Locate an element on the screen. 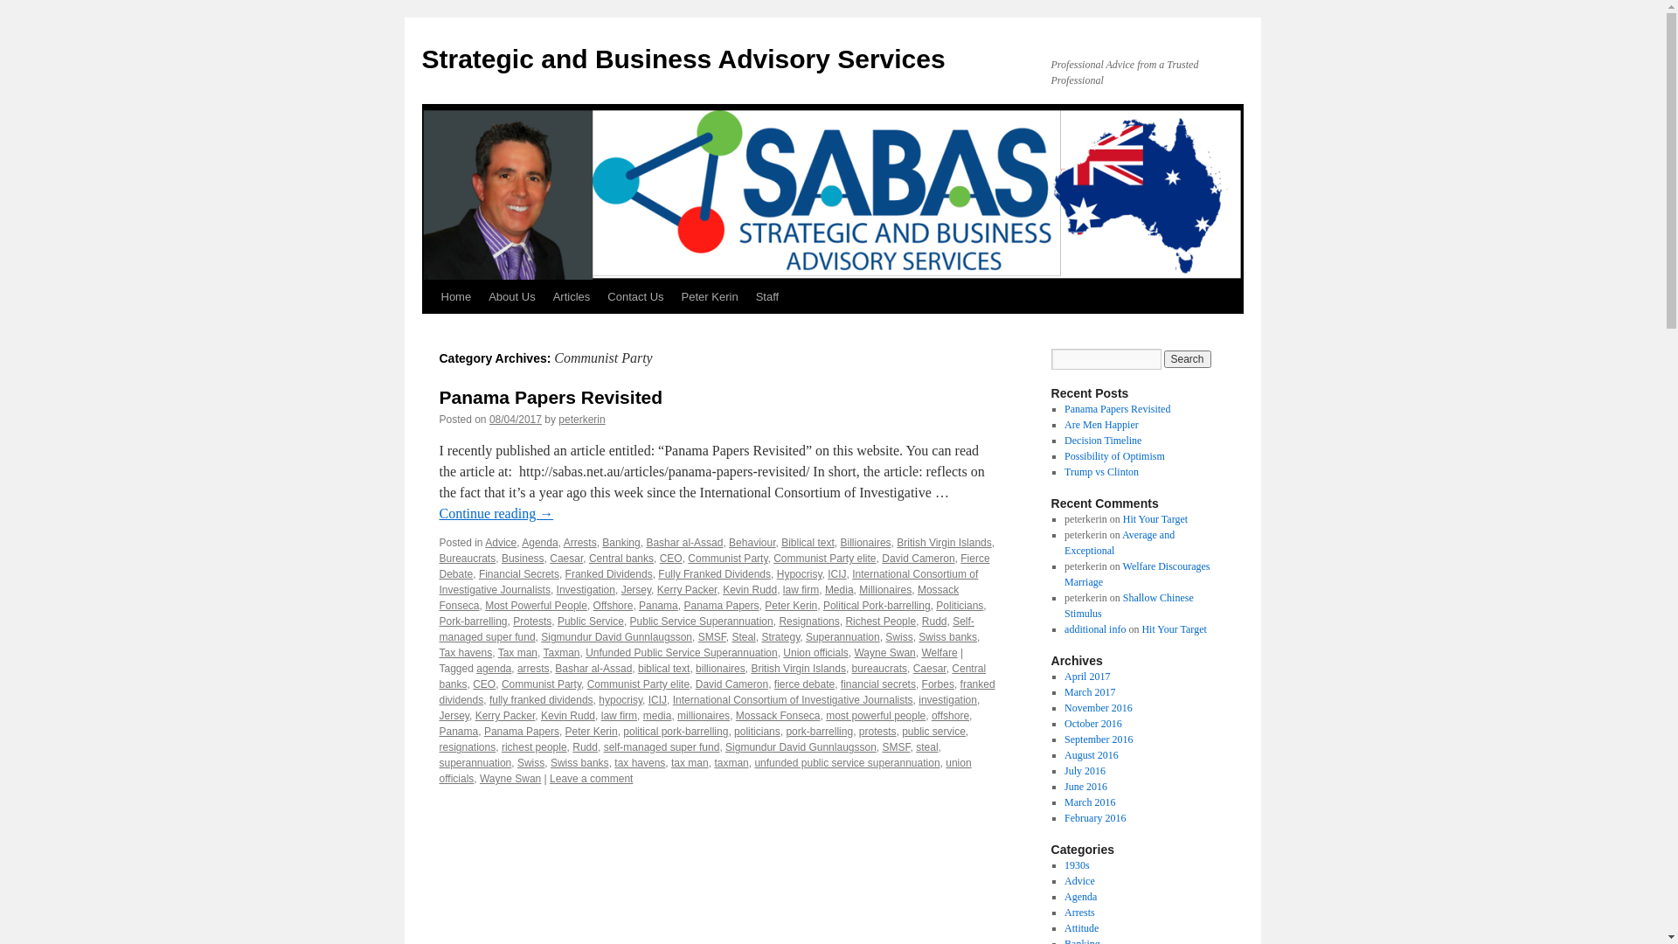 This screenshot has height=944, width=1678. 'richest people' is located at coordinates (501, 747).